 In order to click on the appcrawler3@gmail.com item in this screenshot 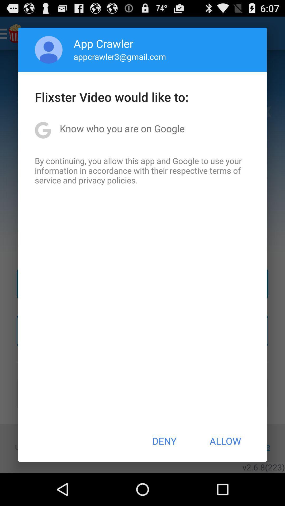, I will do `click(120, 56)`.